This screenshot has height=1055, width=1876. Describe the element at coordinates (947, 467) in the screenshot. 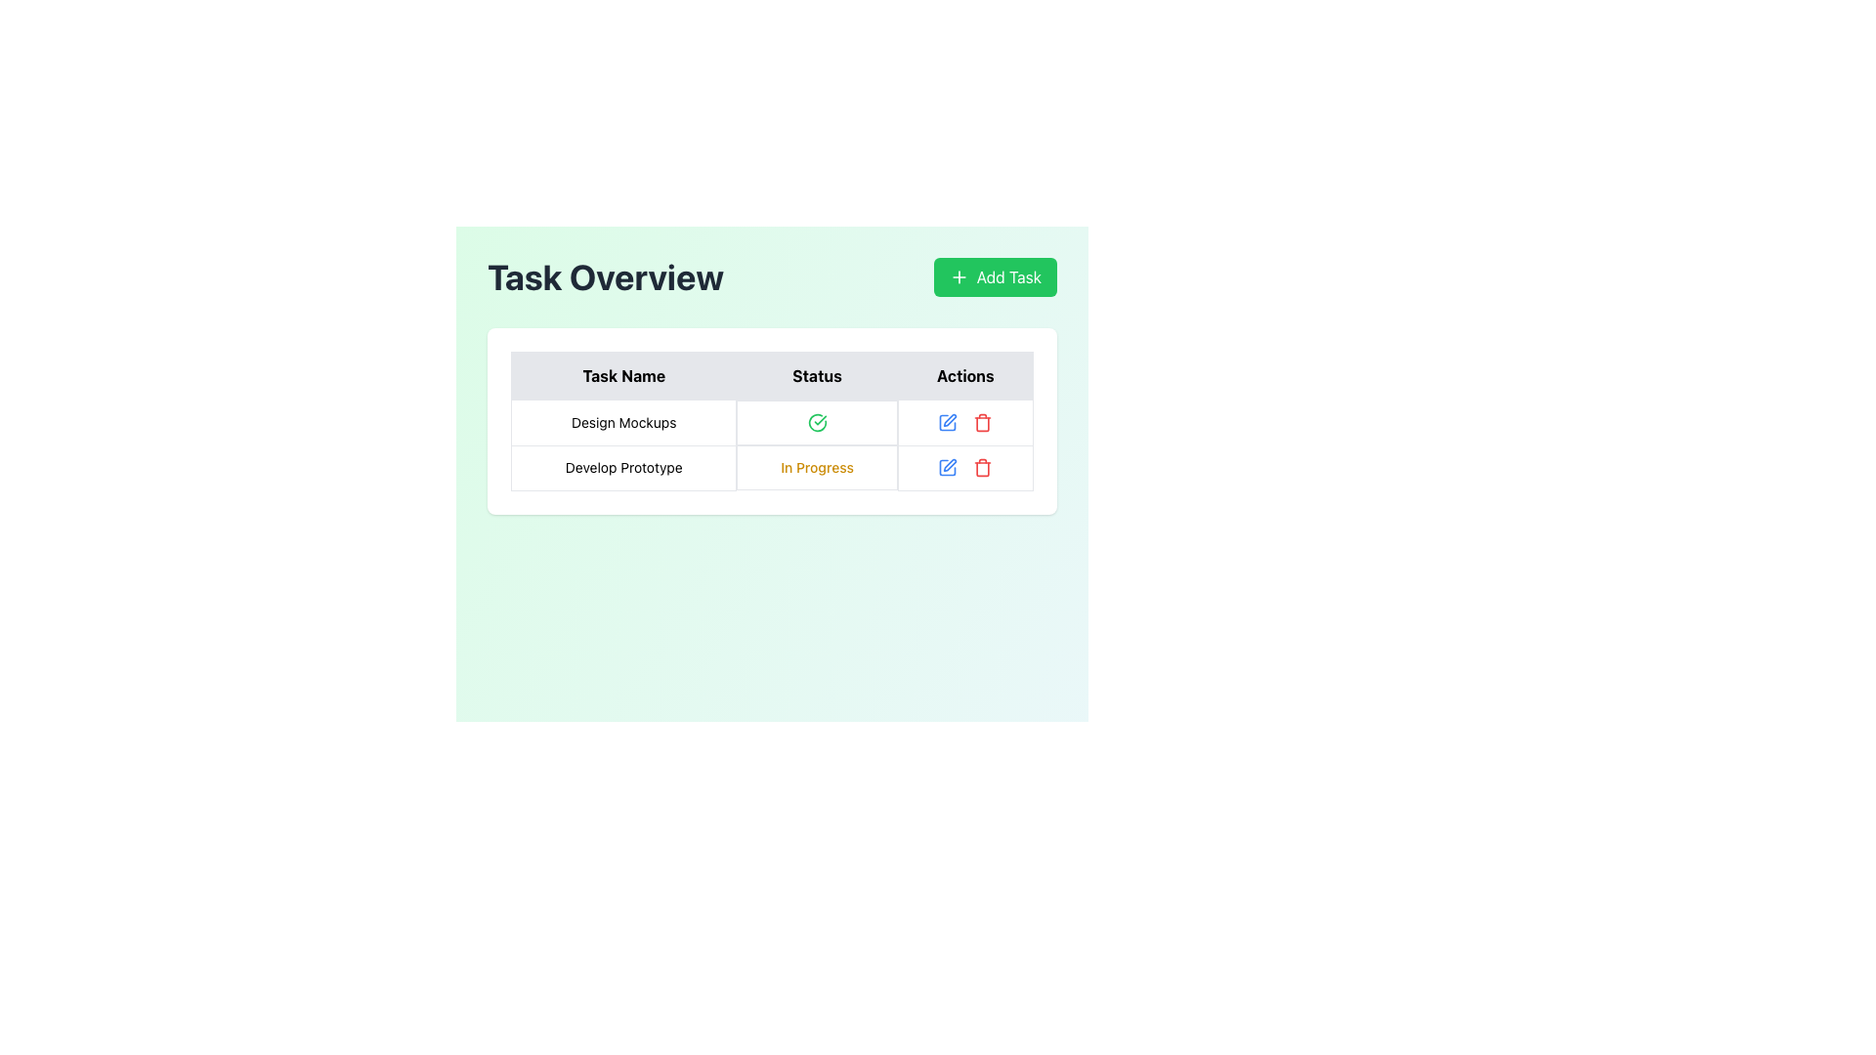

I see `the edit icon in the 'Actions' column of the task list to initiate editing for the task labeled 'Develop Prototype'` at that location.